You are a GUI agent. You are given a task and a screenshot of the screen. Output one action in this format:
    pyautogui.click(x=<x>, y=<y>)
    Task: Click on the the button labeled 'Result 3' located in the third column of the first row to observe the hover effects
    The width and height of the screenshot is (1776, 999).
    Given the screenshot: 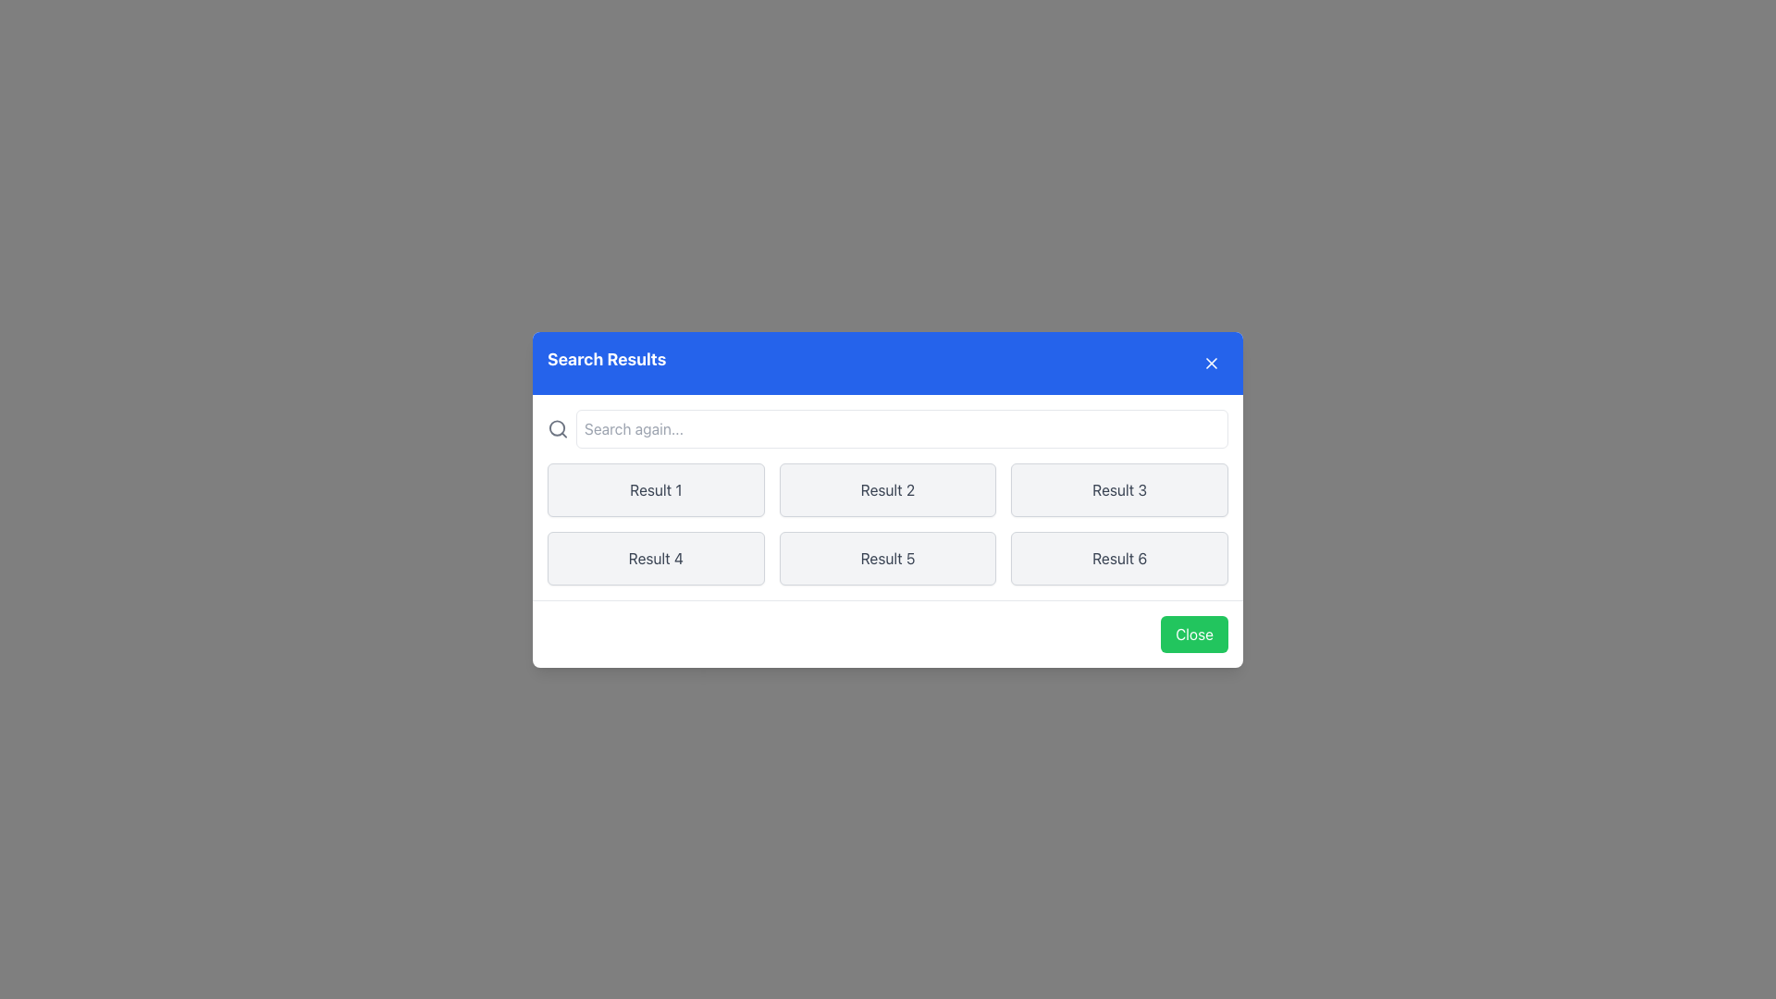 What is the action you would take?
    pyautogui.click(x=1118, y=488)
    